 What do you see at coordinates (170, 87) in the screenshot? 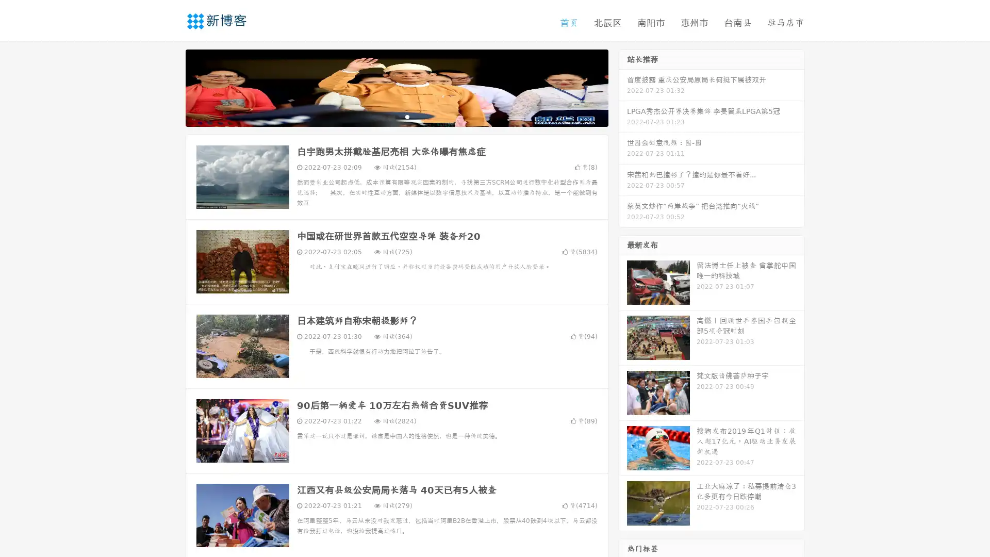
I see `Previous slide` at bounding box center [170, 87].